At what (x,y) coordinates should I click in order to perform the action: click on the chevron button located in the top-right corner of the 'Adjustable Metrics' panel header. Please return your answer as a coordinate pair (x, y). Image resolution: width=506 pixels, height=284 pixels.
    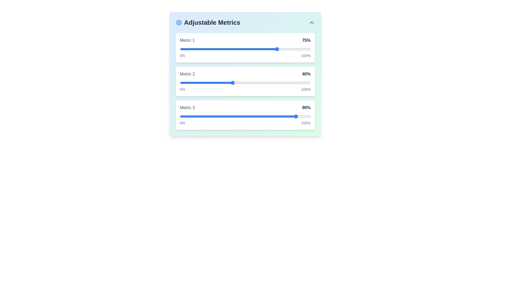
    Looking at the image, I should click on (312, 22).